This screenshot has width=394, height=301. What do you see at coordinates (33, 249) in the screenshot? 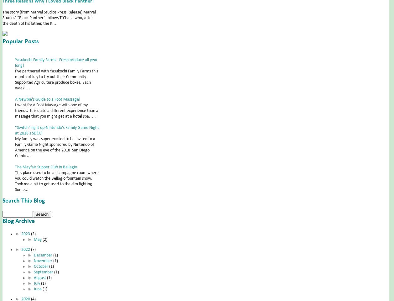
I see `'(7)'` at bounding box center [33, 249].